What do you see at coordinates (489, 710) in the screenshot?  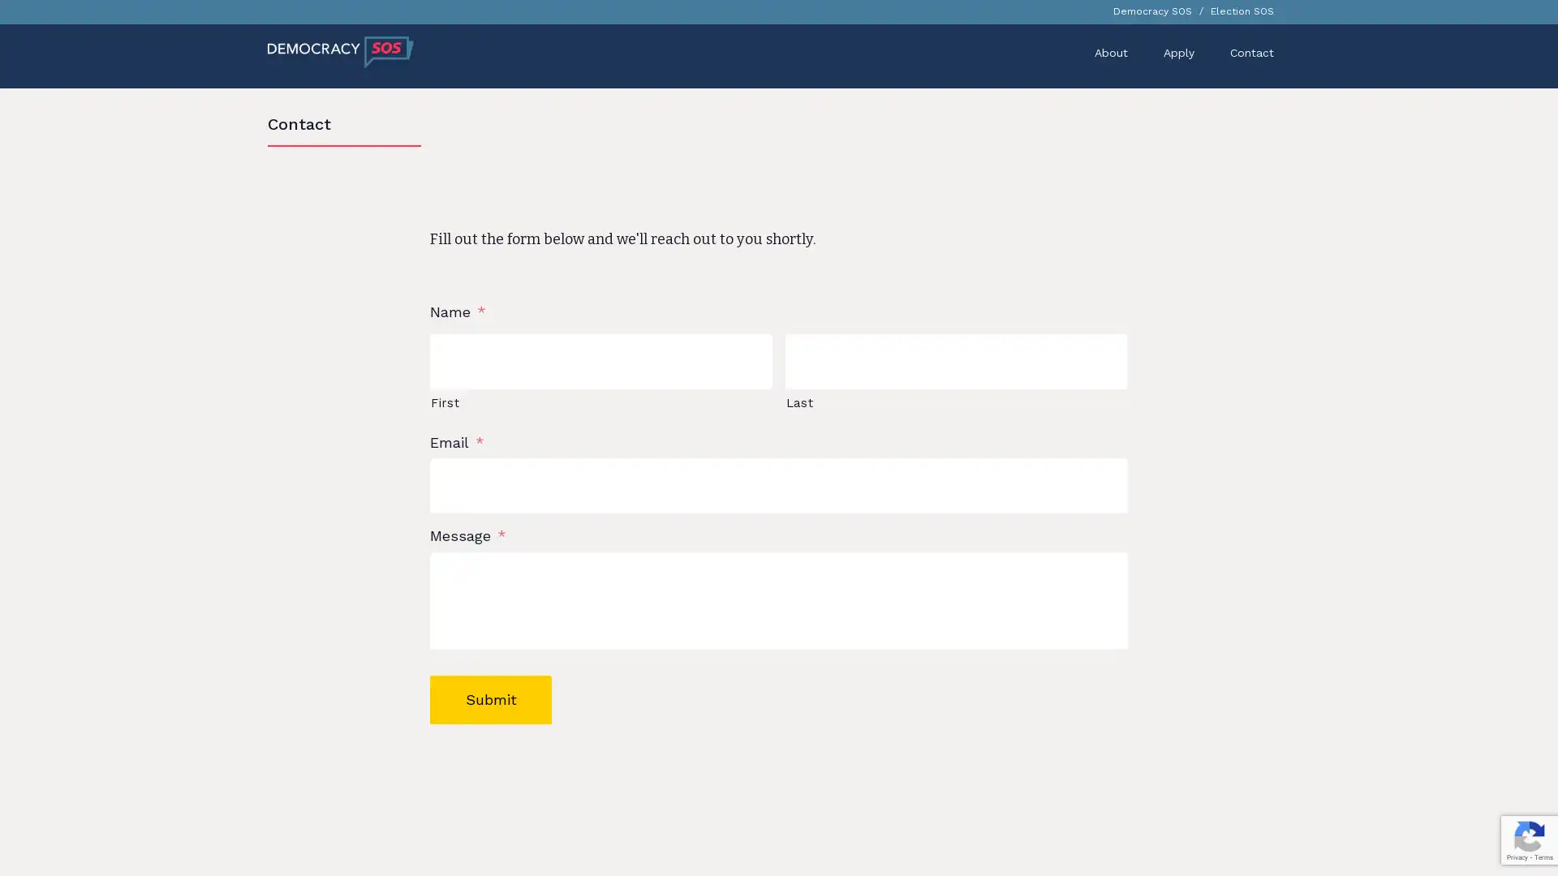 I see `Submit` at bounding box center [489, 710].